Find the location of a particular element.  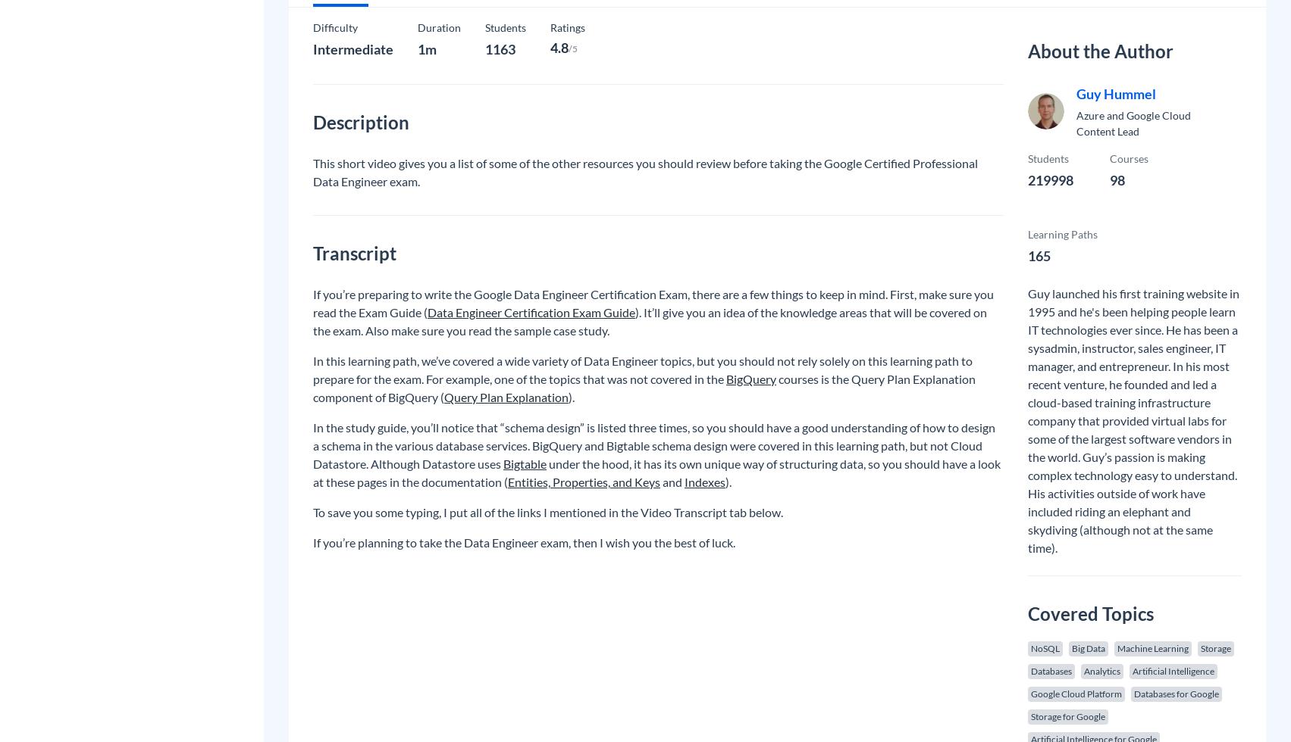

'Artificial Intelligence' is located at coordinates (1172, 671).